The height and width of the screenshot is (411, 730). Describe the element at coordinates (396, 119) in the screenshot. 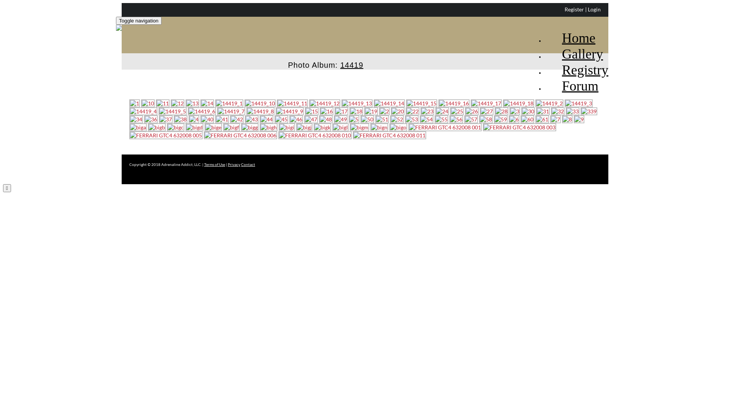

I see `'52 (click to enlarge)'` at that location.